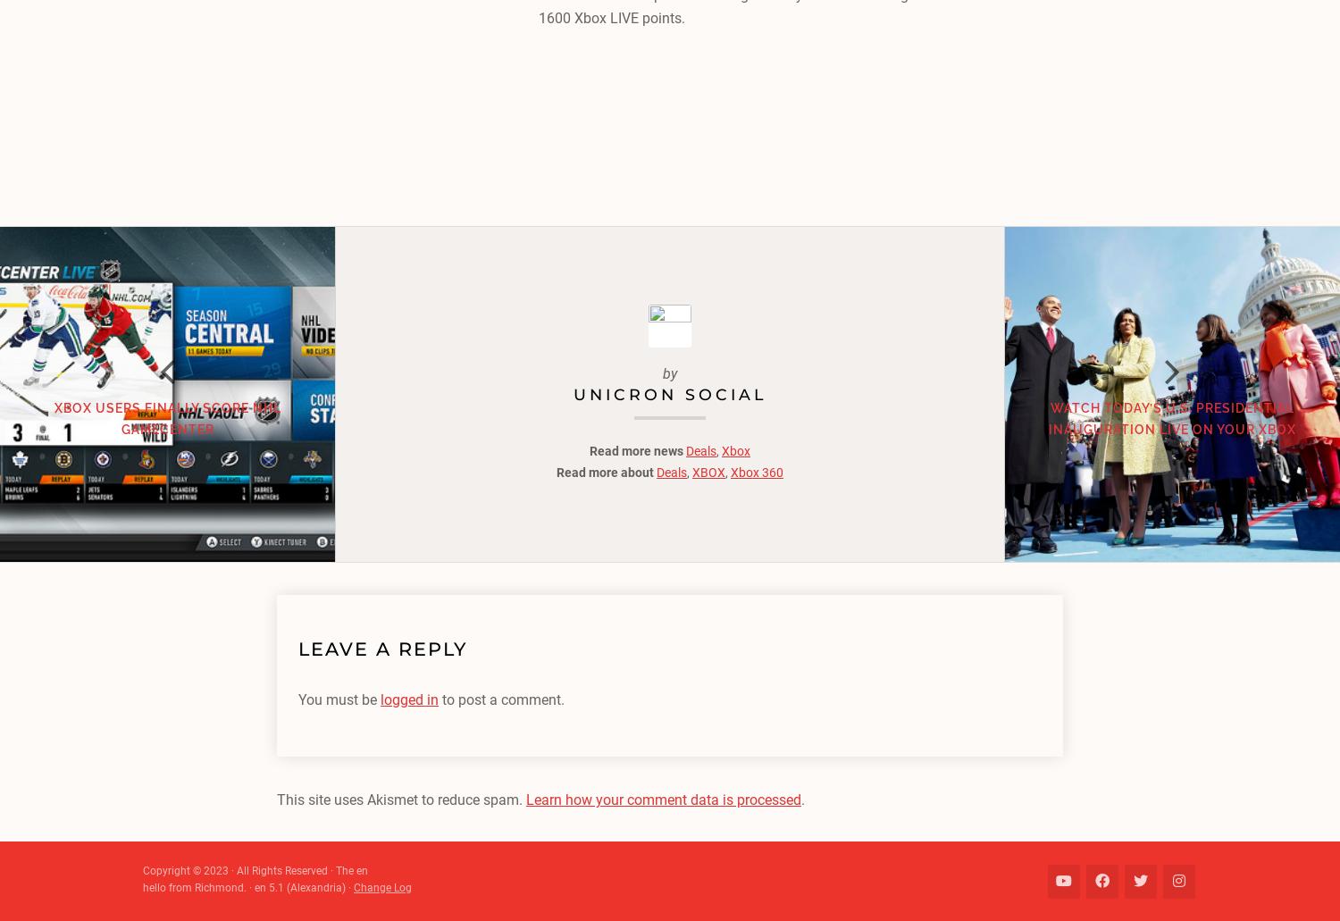  I want to click on 'Read more news', so click(590, 451).